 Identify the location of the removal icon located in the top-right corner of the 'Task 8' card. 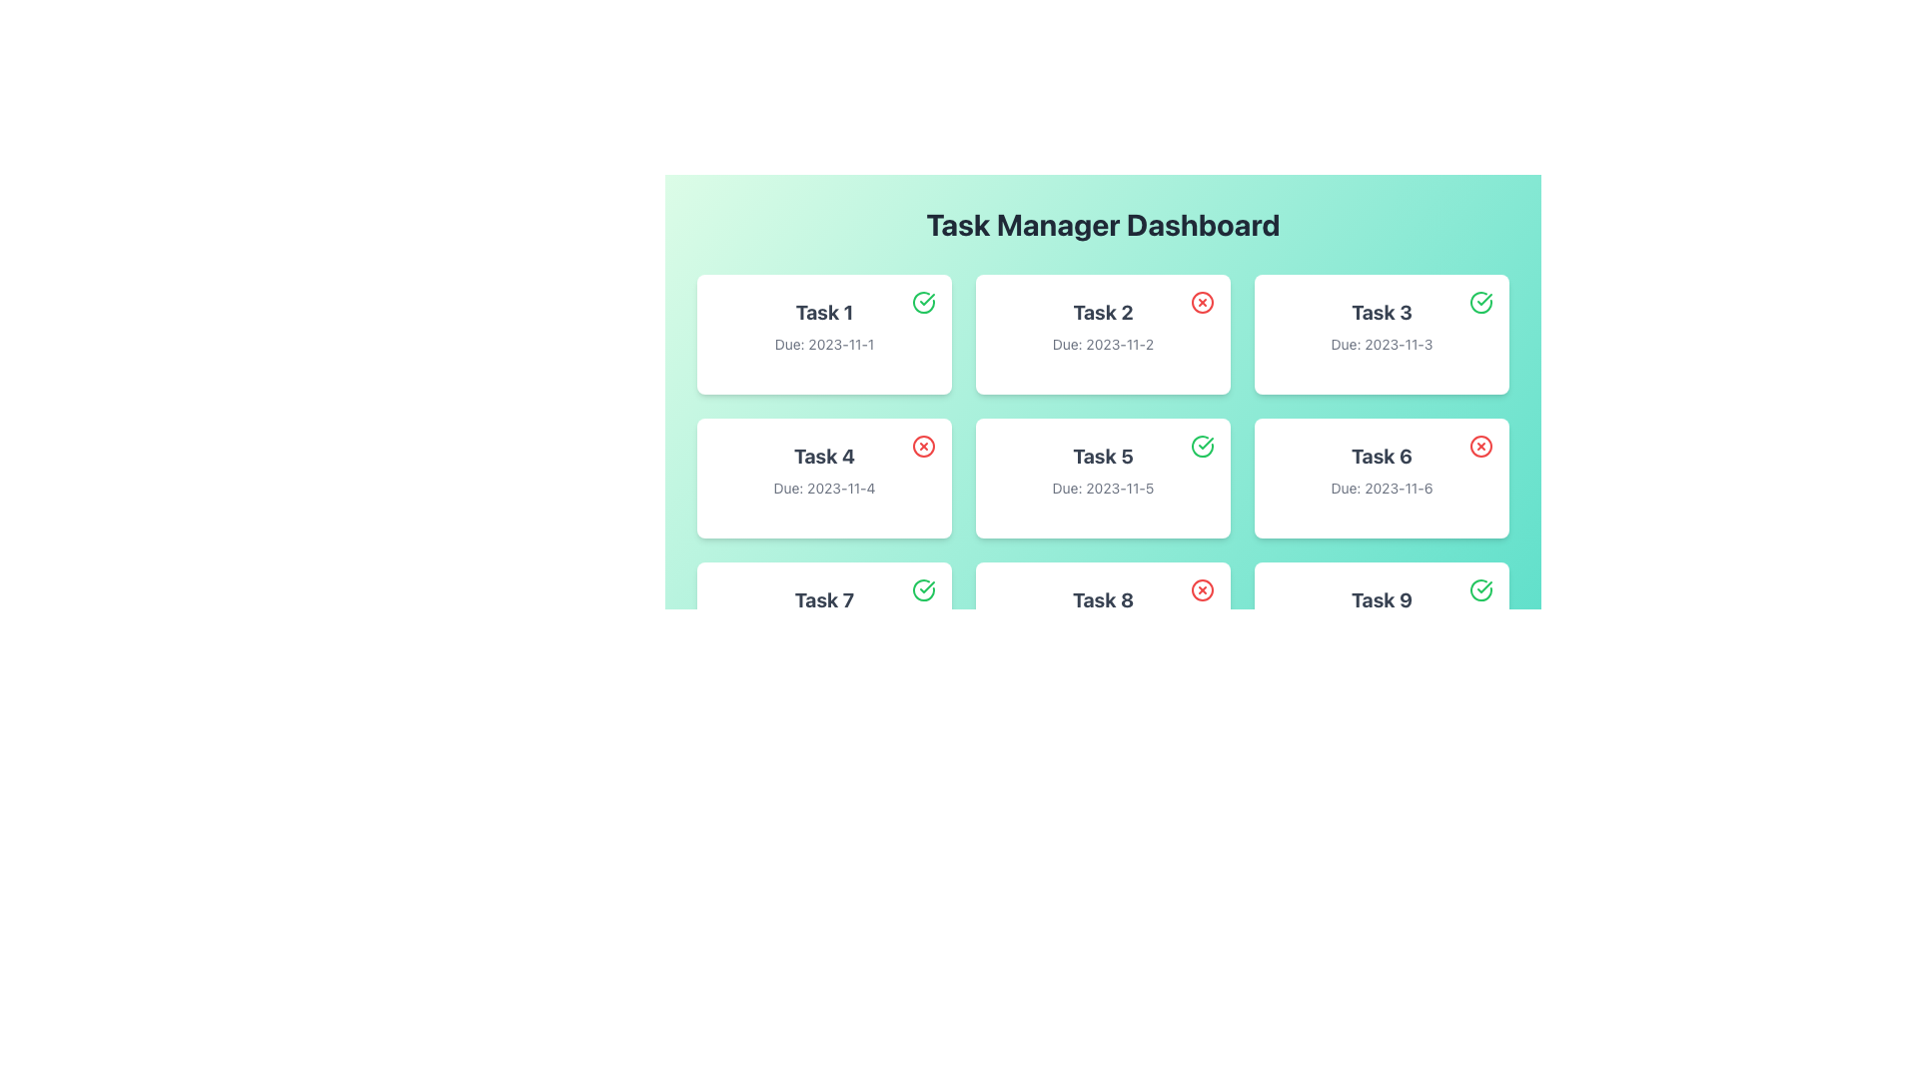
(1202, 588).